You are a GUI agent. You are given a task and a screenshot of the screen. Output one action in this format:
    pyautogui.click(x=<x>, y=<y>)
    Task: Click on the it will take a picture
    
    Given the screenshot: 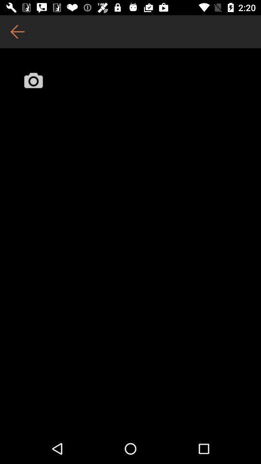 What is the action you would take?
    pyautogui.click(x=33, y=80)
    